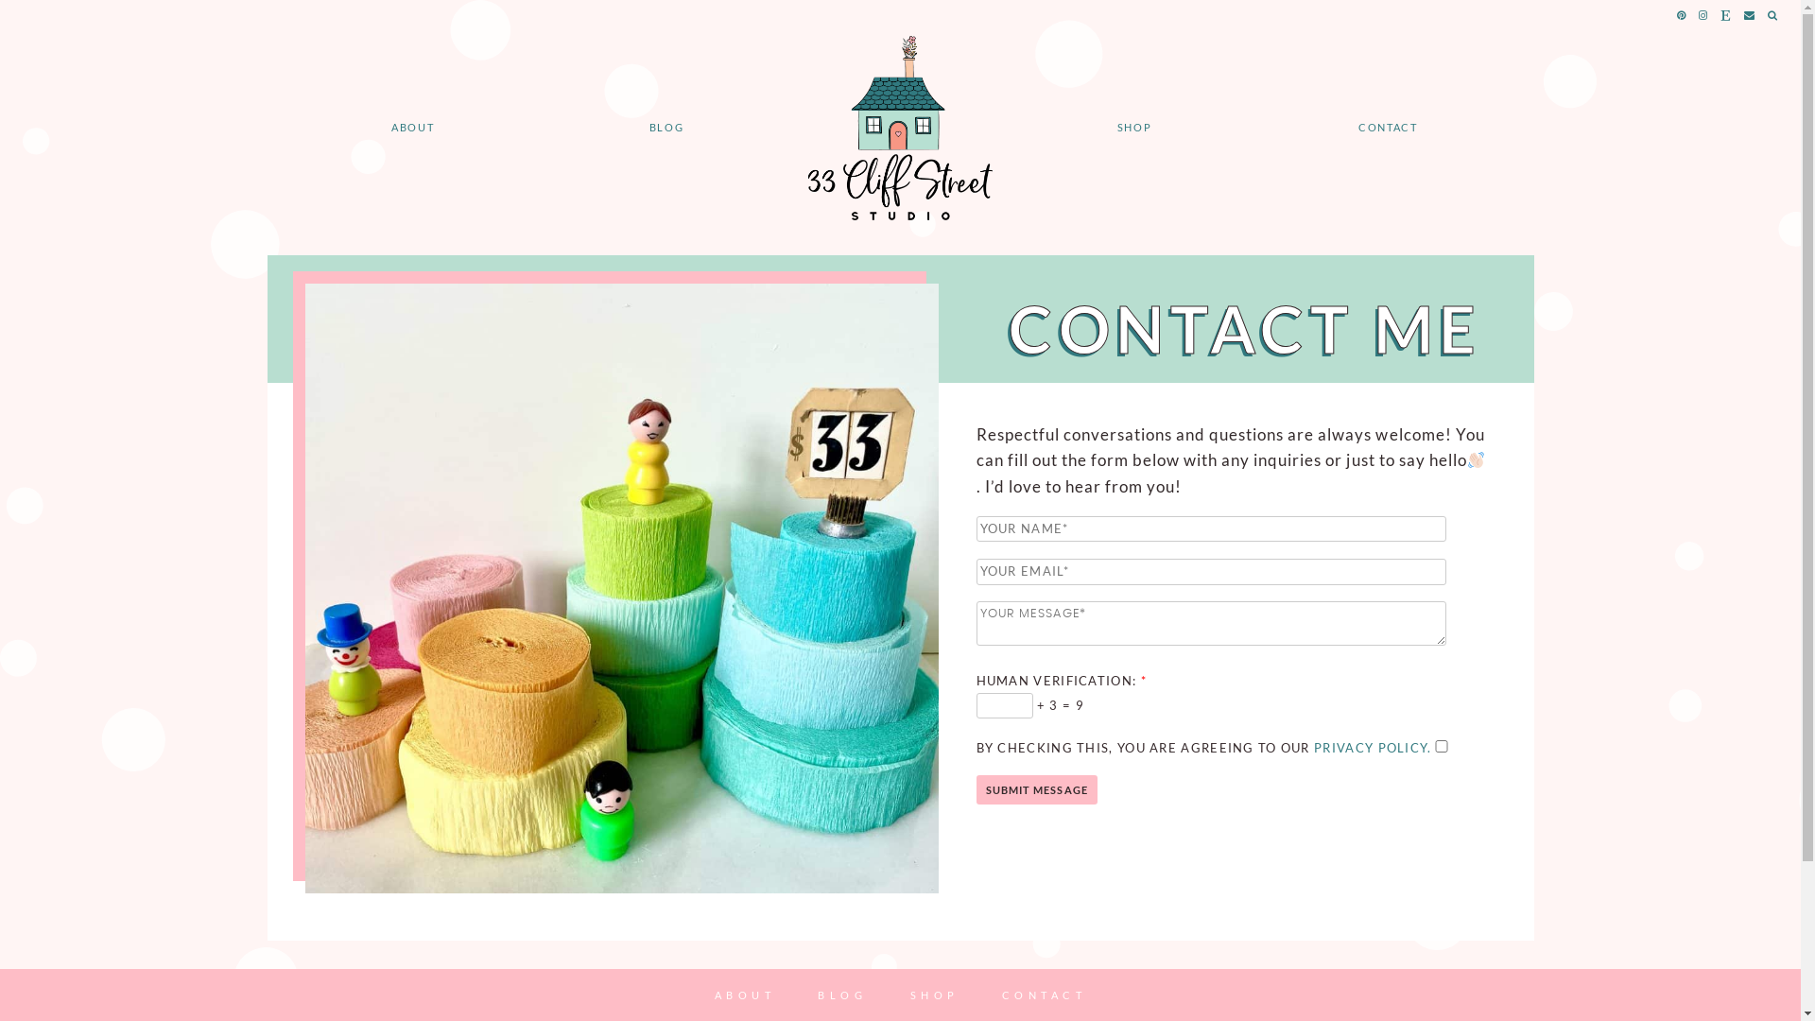  Describe the element at coordinates (1749, 15) in the screenshot. I see `'email icon'` at that location.